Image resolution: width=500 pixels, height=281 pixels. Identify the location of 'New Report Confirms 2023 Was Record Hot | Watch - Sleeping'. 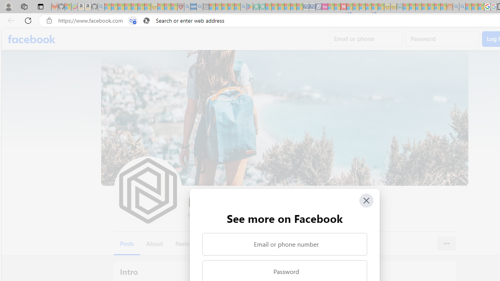
(134, 7).